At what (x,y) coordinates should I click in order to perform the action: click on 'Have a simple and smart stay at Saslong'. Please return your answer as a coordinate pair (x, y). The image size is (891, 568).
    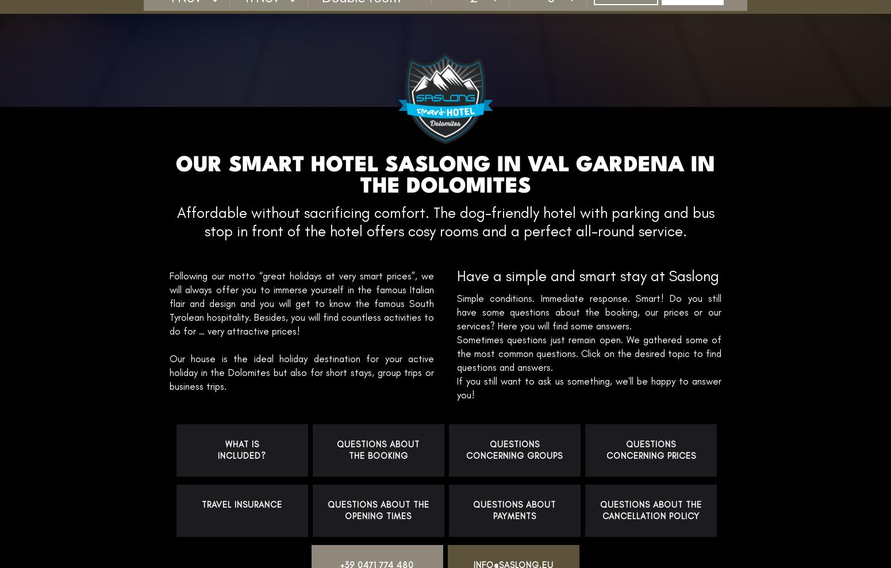
    Looking at the image, I should click on (588, 275).